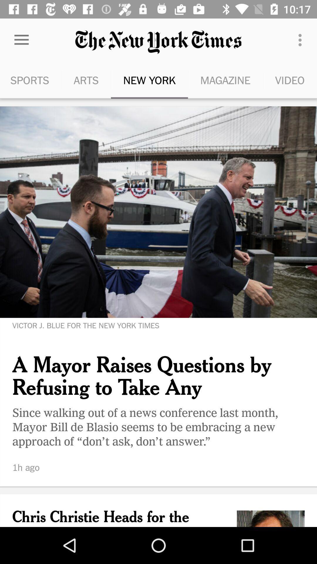 The height and width of the screenshot is (564, 317). Describe the element at coordinates (86, 80) in the screenshot. I see `the arts item` at that location.